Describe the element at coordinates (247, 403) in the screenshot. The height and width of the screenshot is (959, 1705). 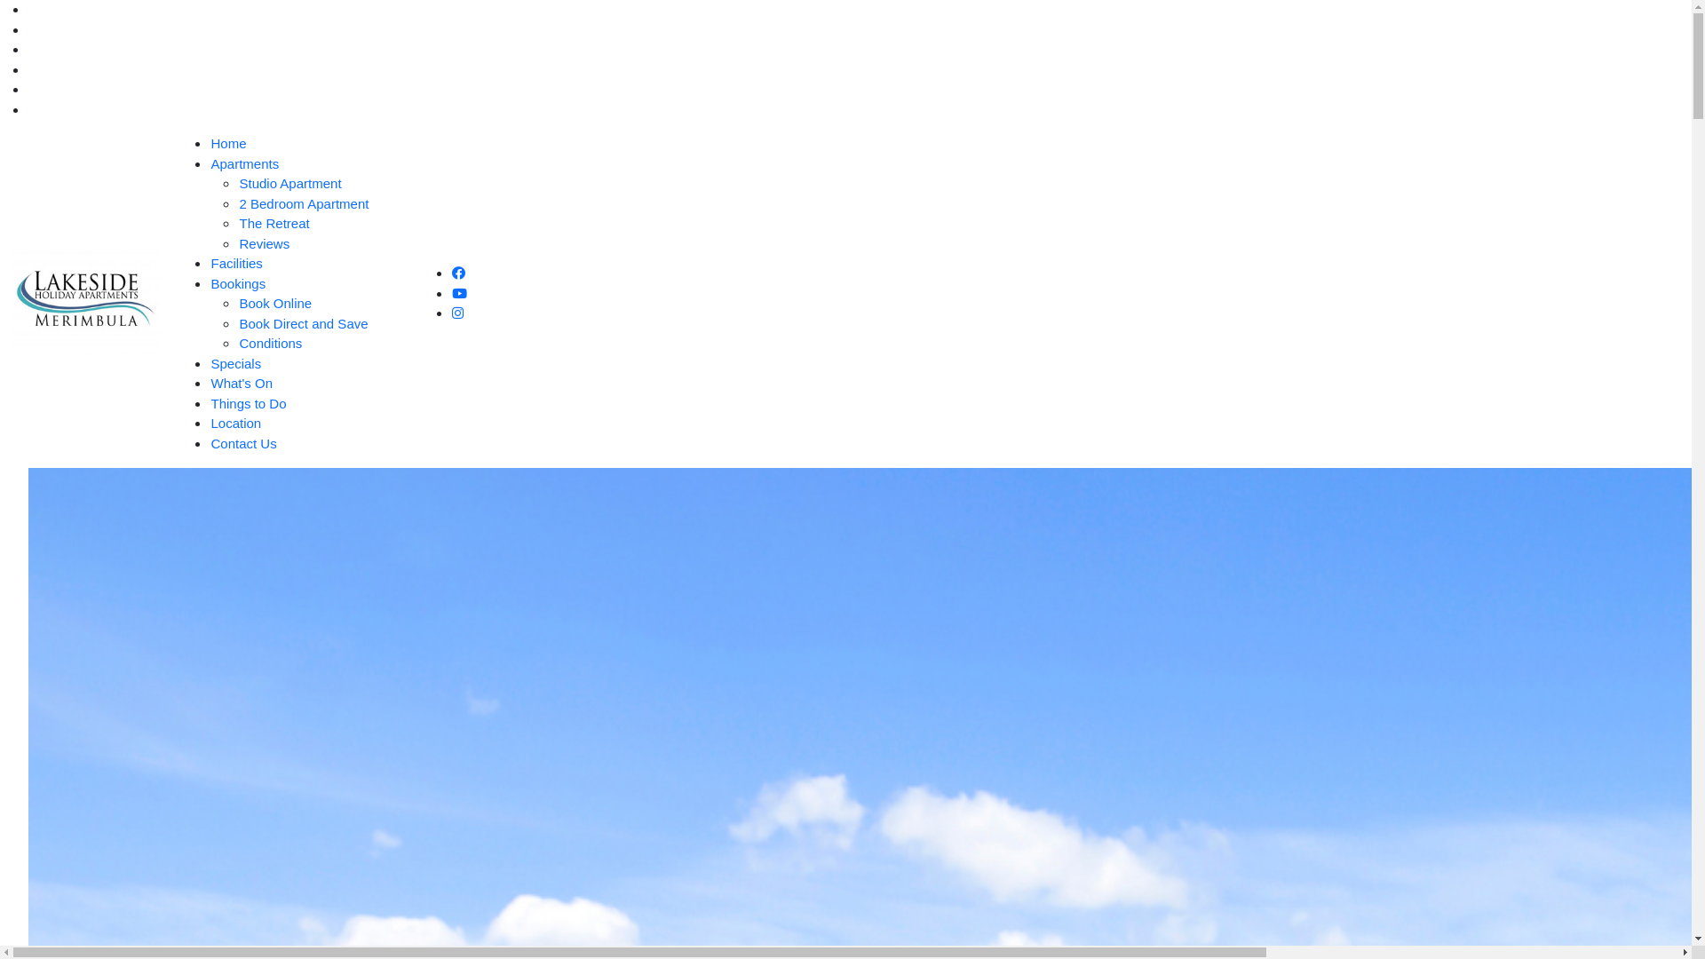
I see `'Things to Do'` at that location.